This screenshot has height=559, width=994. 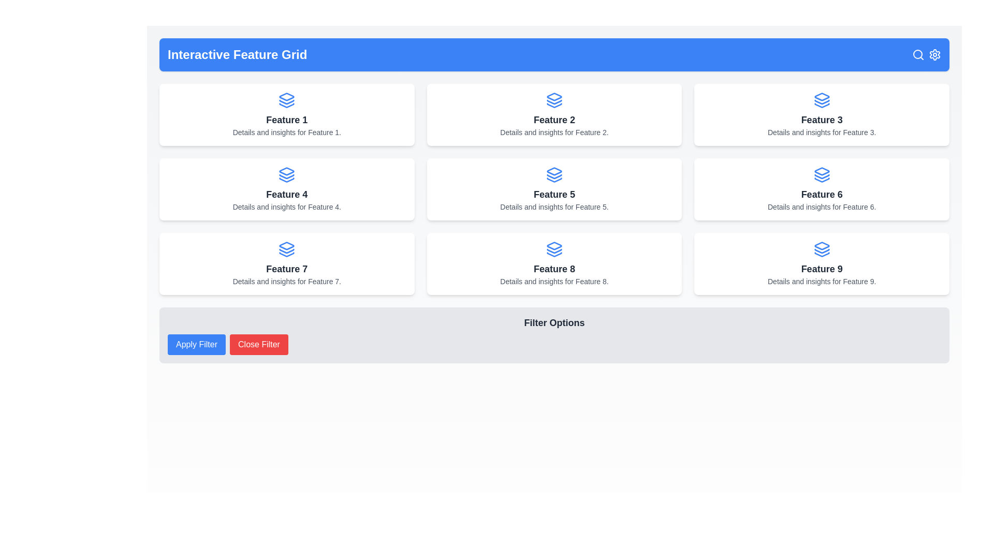 What do you see at coordinates (287, 194) in the screenshot?
I see `the bold text label reading 'Feature 4' located in the first column of the second row in the grid layout, which serves as the title of a card` at bounding box center [287, 194].